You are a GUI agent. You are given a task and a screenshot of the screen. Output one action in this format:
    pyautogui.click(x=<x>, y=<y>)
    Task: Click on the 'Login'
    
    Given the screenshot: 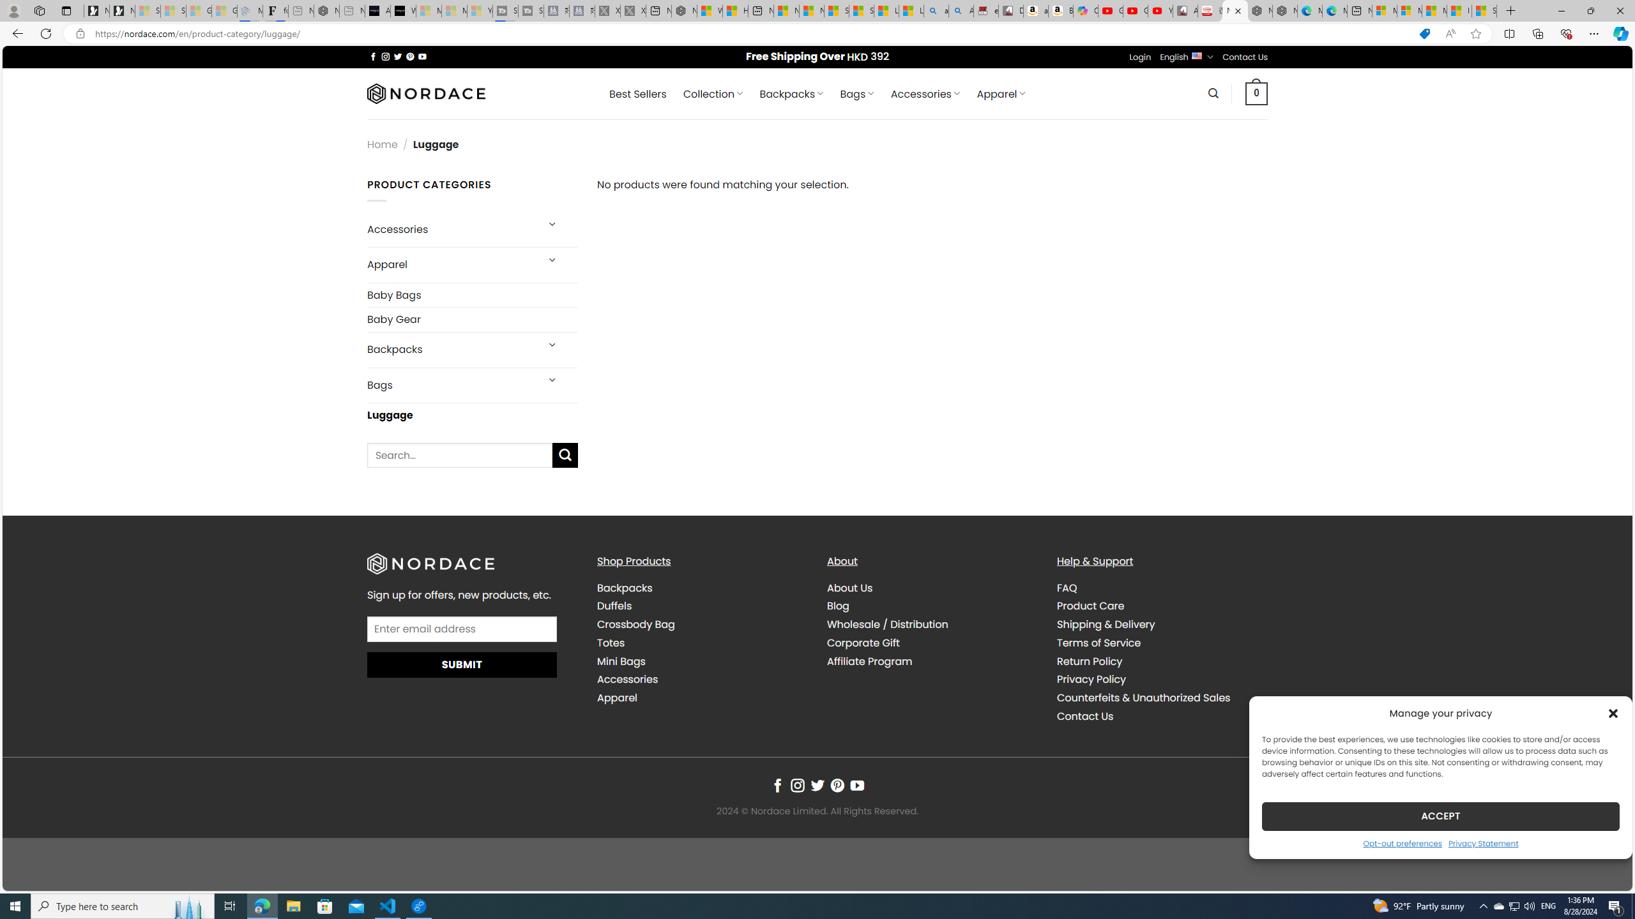 What is the action you would take?
    pyautogui.click(x=1140, y=57)
    